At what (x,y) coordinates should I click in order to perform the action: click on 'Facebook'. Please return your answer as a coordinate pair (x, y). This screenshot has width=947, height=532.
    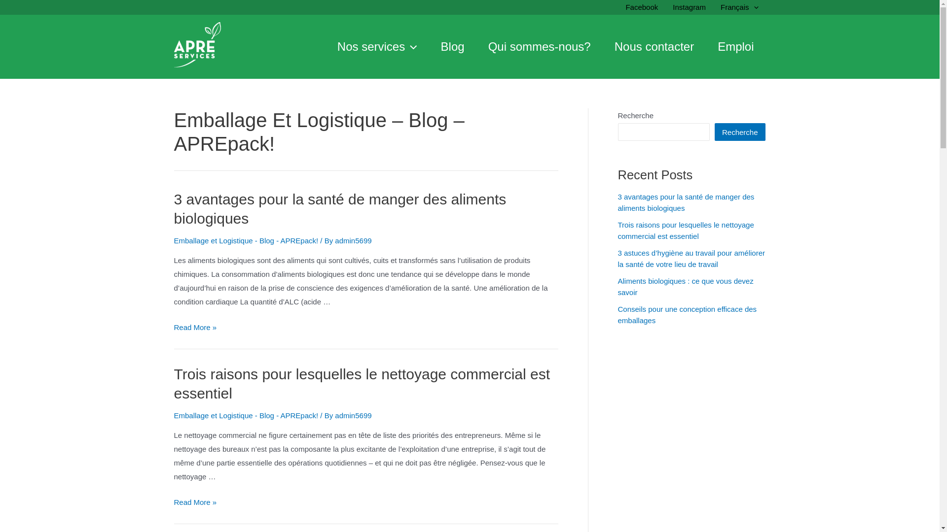
    Looking at the image, I should click on (641, 7).